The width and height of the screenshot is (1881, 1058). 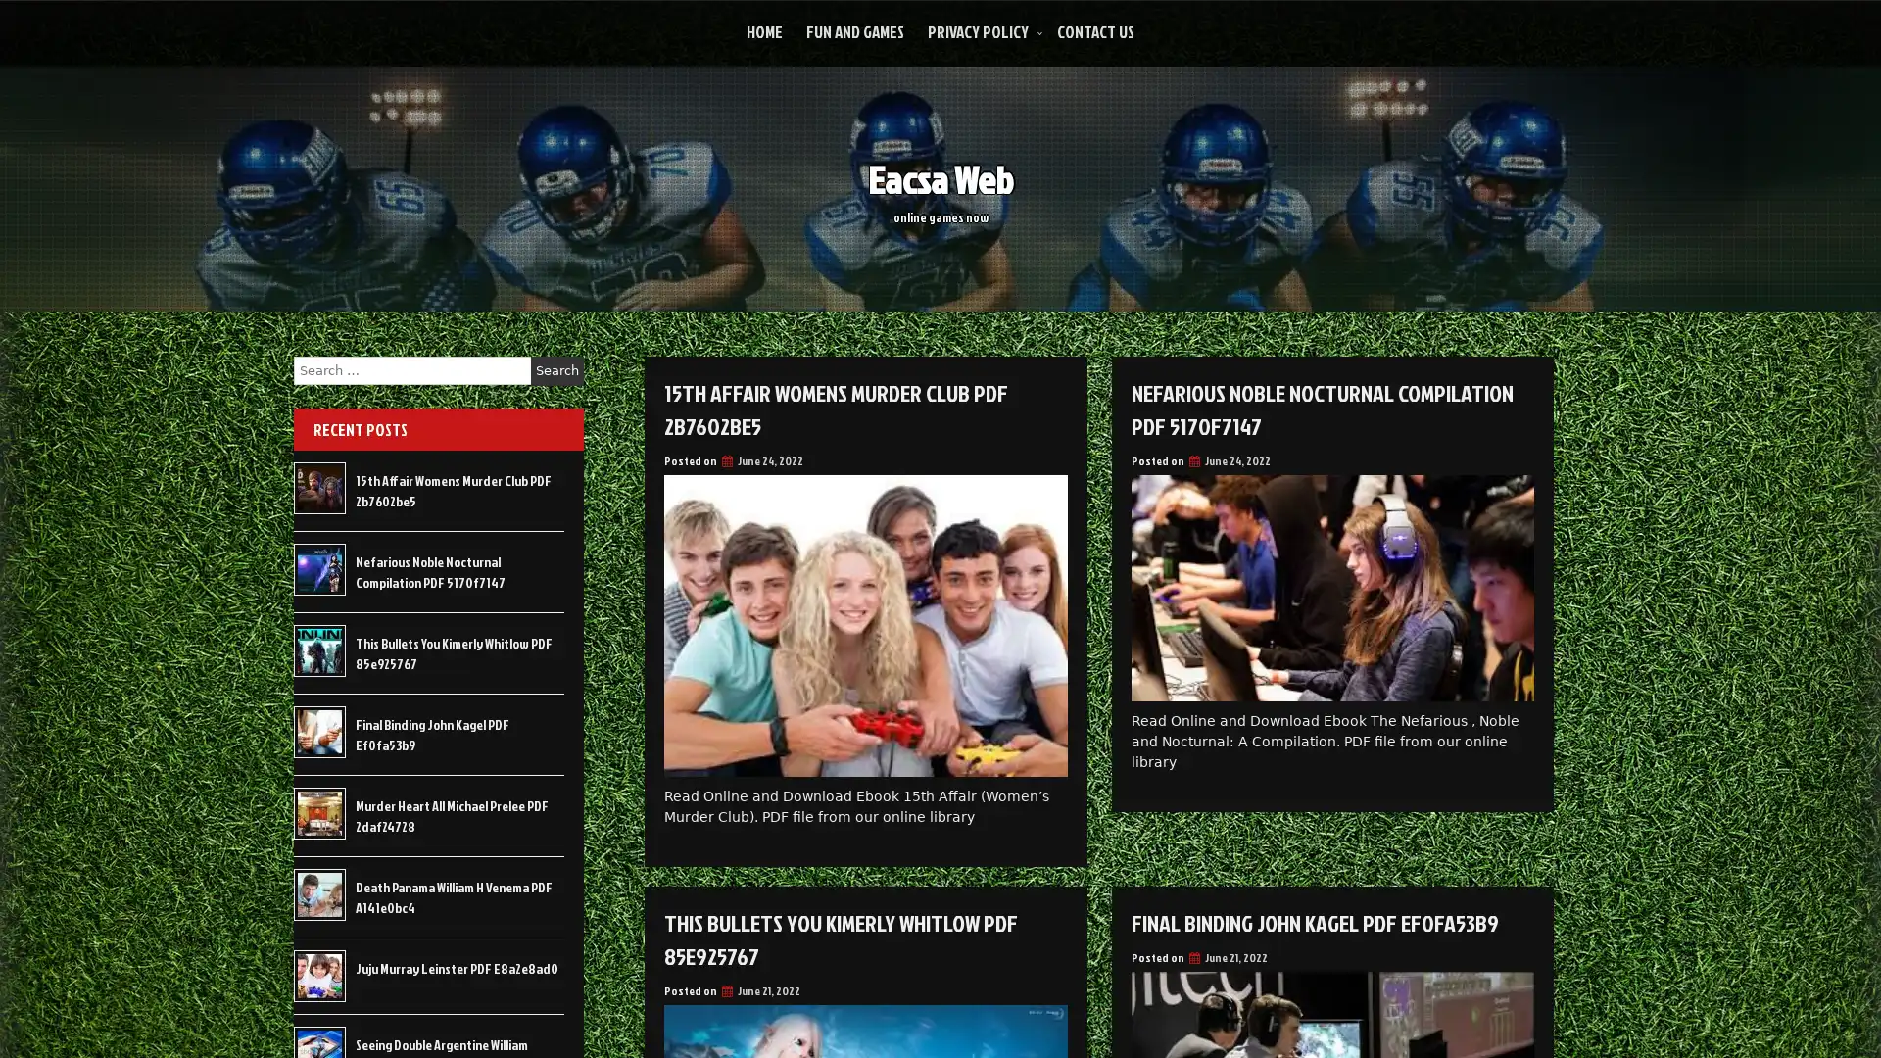 I want to click on Search, so click(x=556, y=370).